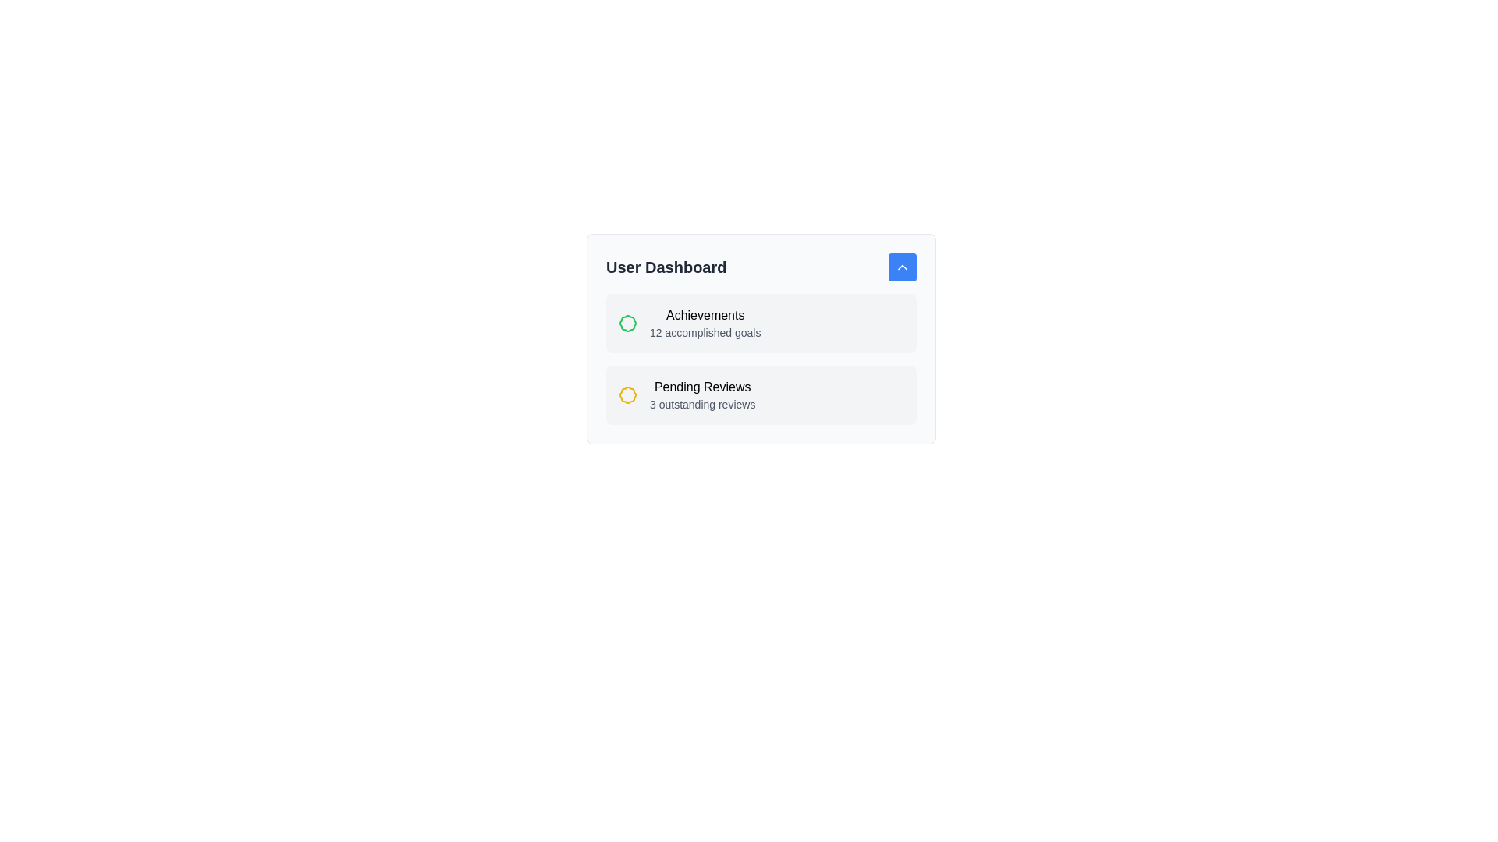 This screenshot has width=1498, height=842. What do you see at coordinates (705, 332) in the screenshot?
I see `the text label displaying '12 accomplished goals' located below the 'Achievements' heading in the Achievements section of the dashboard card` at bounding box center [705, 332].